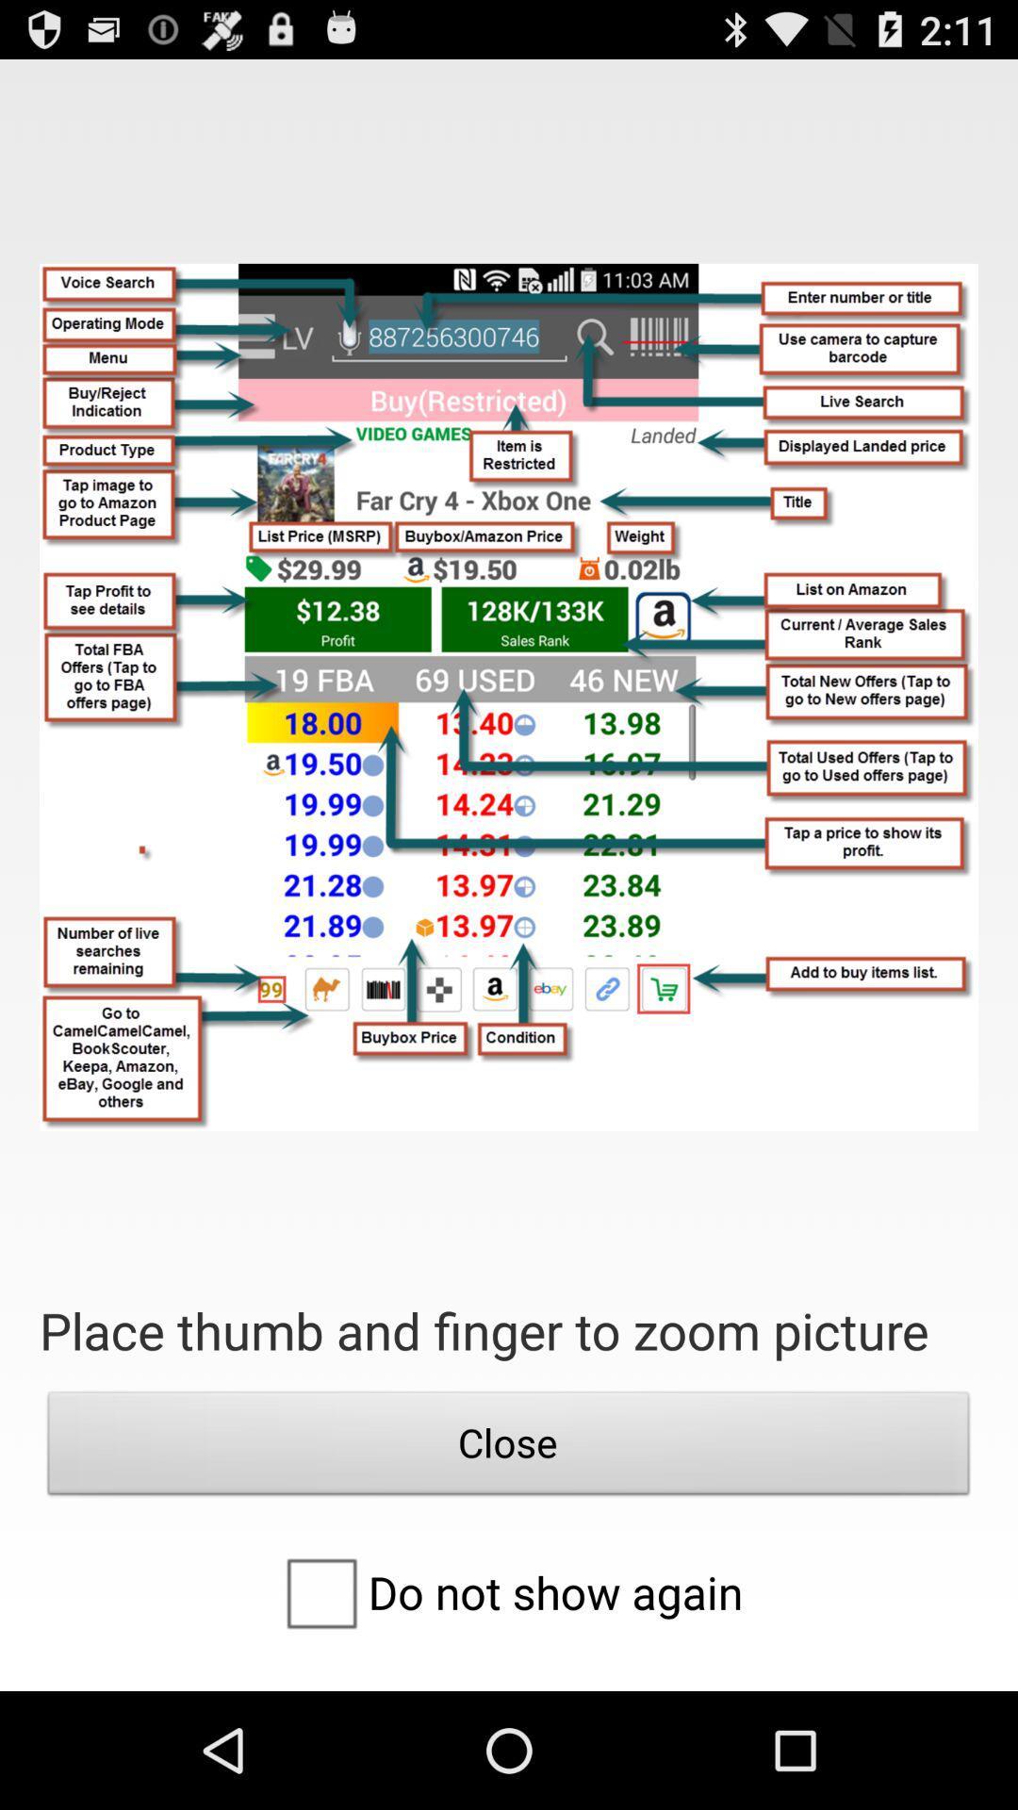 This screenshot has width=1018, height=1810. Describe the element at coordinates (507, 1591) in the screenshot. I see `the button below close button` at that location.